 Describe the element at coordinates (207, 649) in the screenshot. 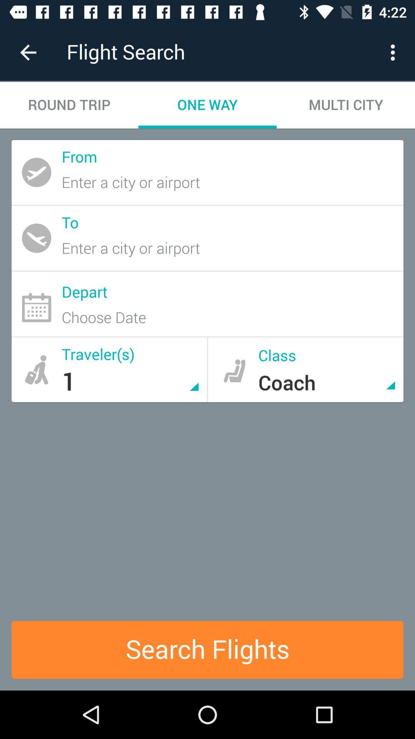

I see `search flights icon` at that location.